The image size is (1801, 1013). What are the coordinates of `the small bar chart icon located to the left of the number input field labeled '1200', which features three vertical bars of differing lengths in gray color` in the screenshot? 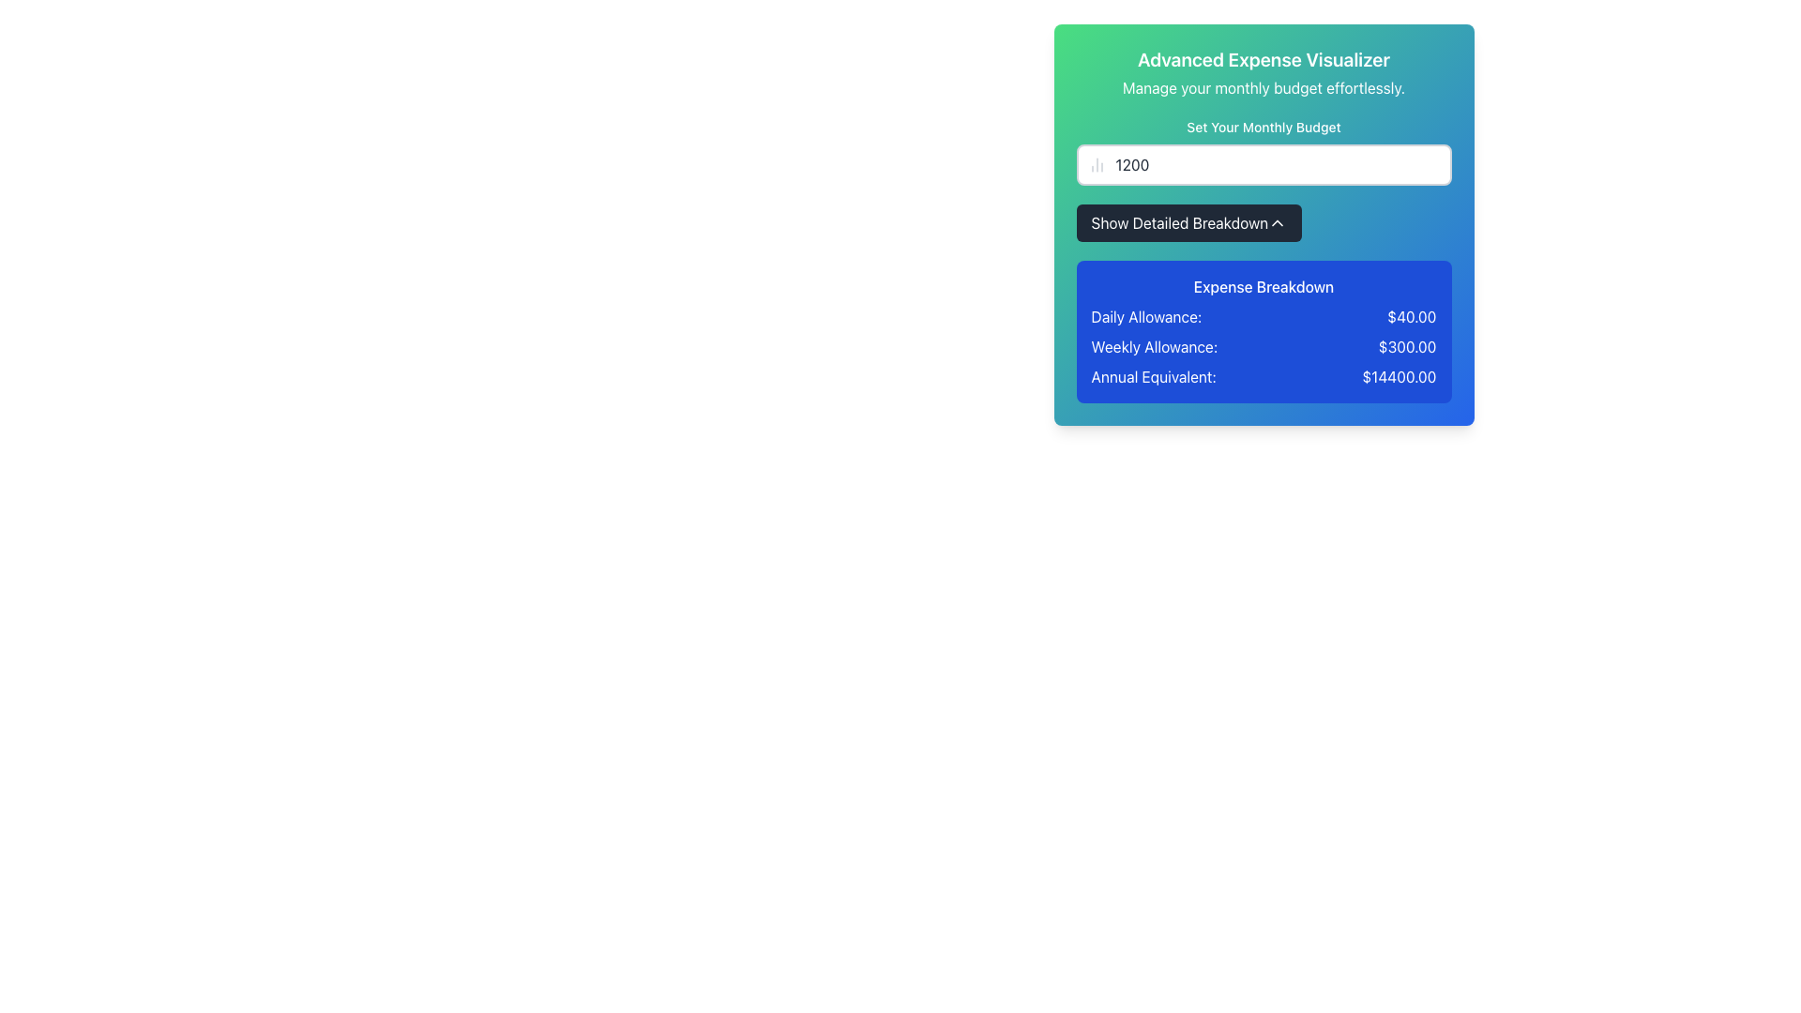 It's located at (1097, 164).